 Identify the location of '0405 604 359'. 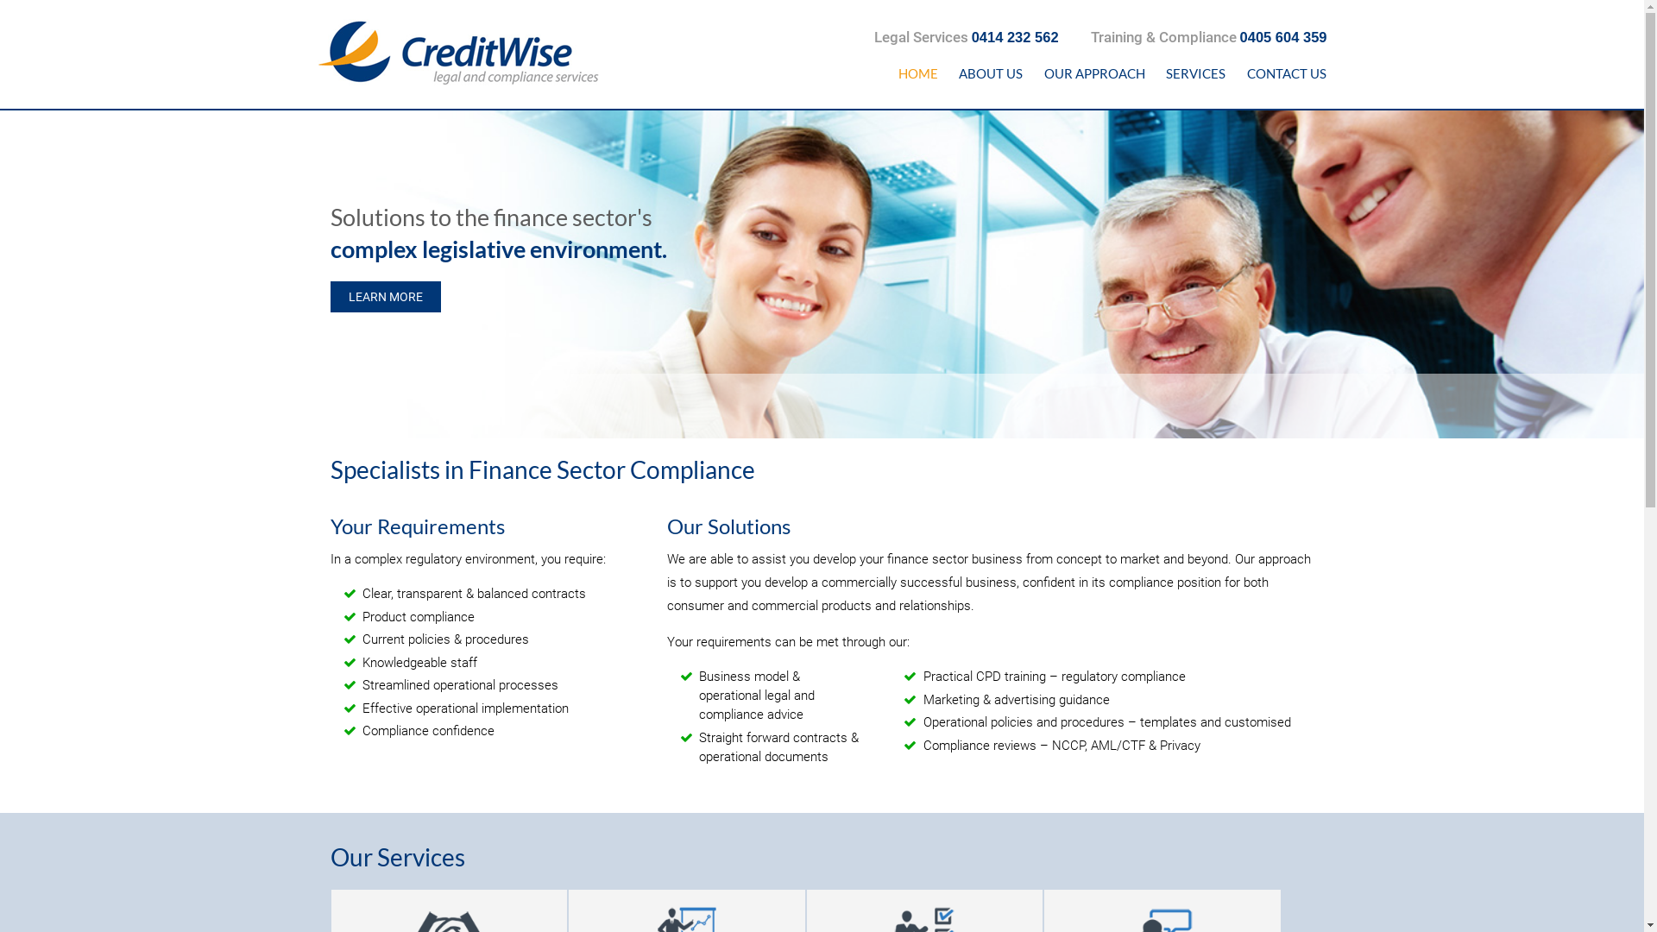
(1283, 36).